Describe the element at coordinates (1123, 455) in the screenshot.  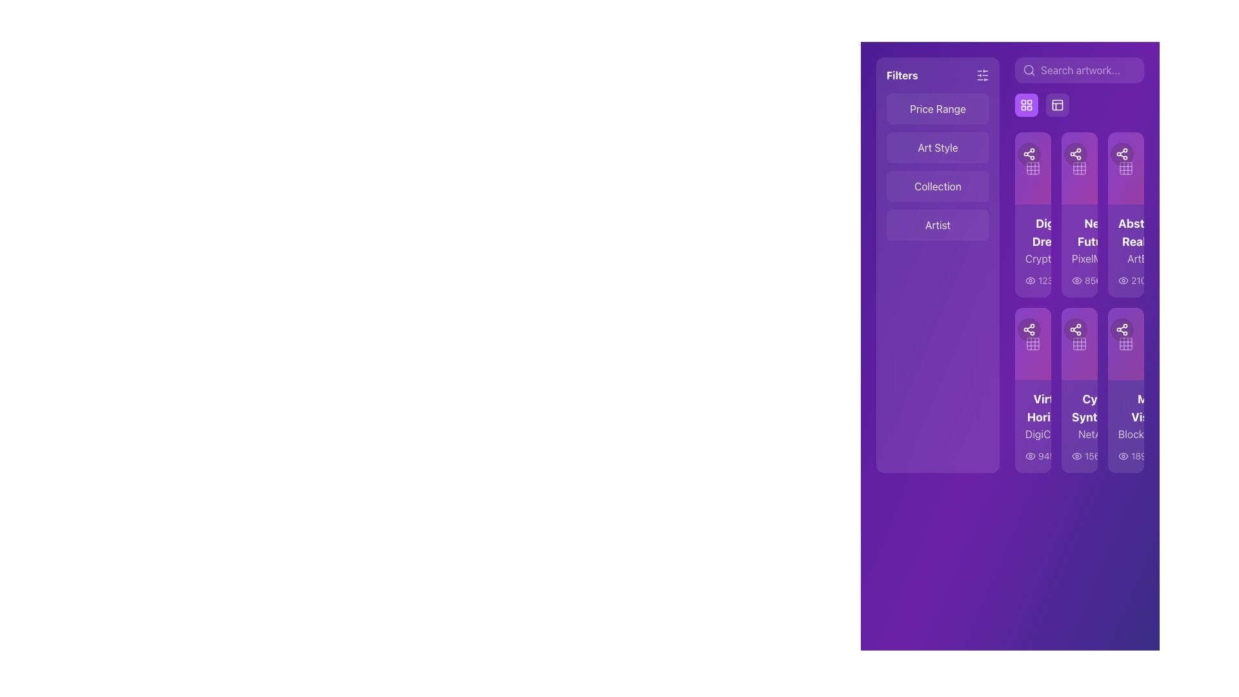
I see `the eye-shaped icon representing the outer structure of the eye, which is part of the 'Mysterious Vision, Blockchain Art' card located in the bottom-right of the grid layout` at that location.